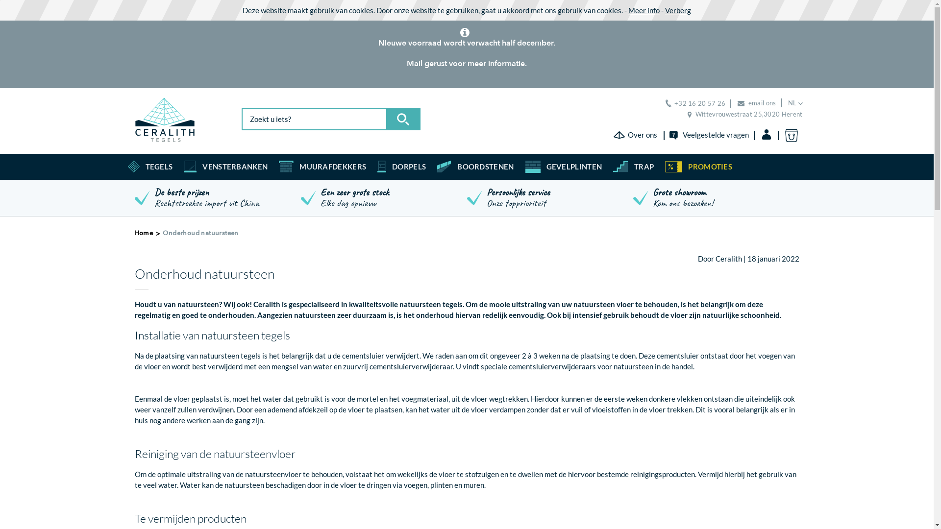 This screenshot has width=941, height=529. What do you see at coordinates (756, 102) in the screenshot?
I see `'email ons'` at bounding box center [756, 102].